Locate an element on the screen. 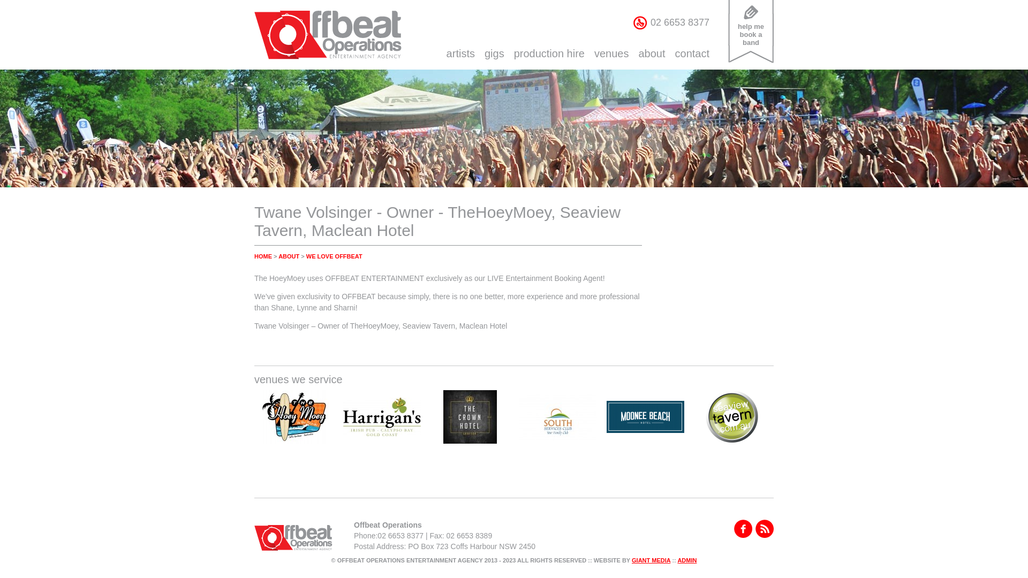 Image resolution: width=1028 pixels, height=578 pixels. 'help me book a band' is located at coordinates (750, 25).